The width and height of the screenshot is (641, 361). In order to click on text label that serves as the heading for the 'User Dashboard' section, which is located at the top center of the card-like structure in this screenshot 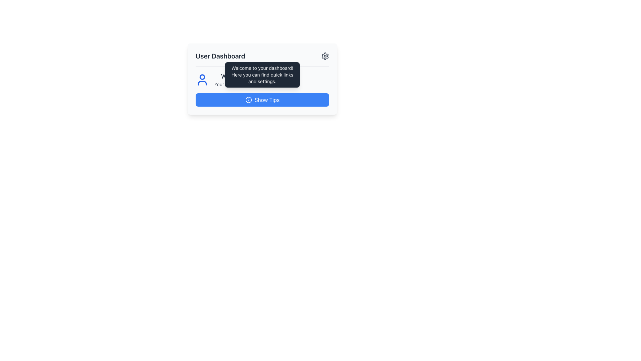, I will do `click(220, 56)`.